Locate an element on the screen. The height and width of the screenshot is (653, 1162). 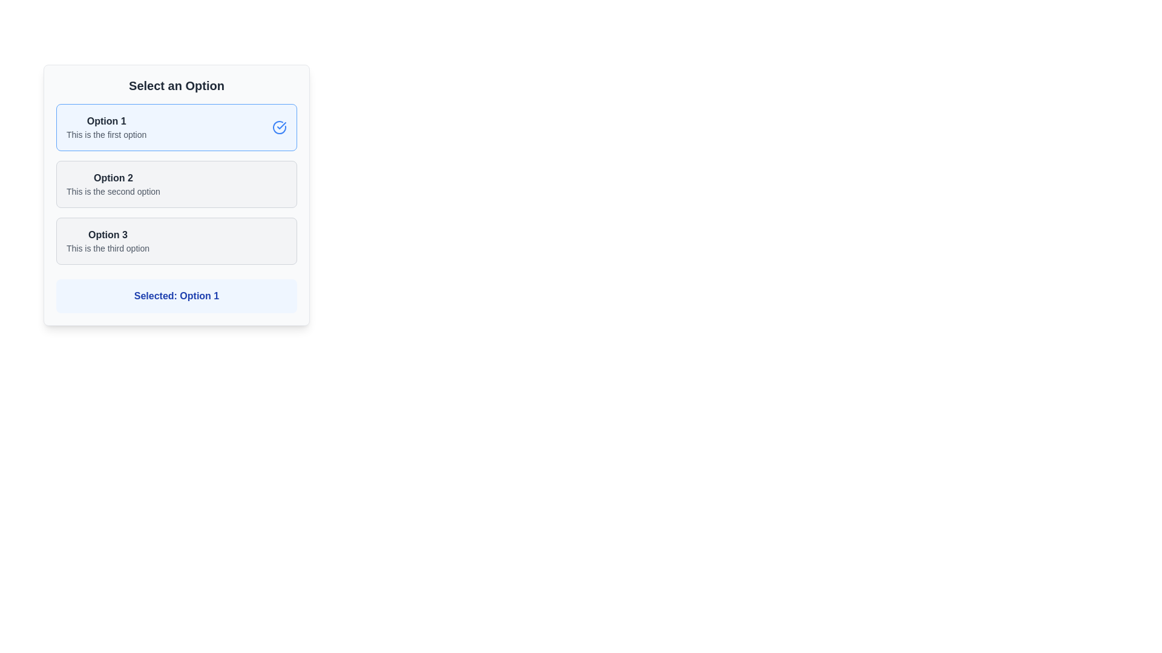
the selectable option block labeled 'Option 2' is located at coordinates (176, 184).